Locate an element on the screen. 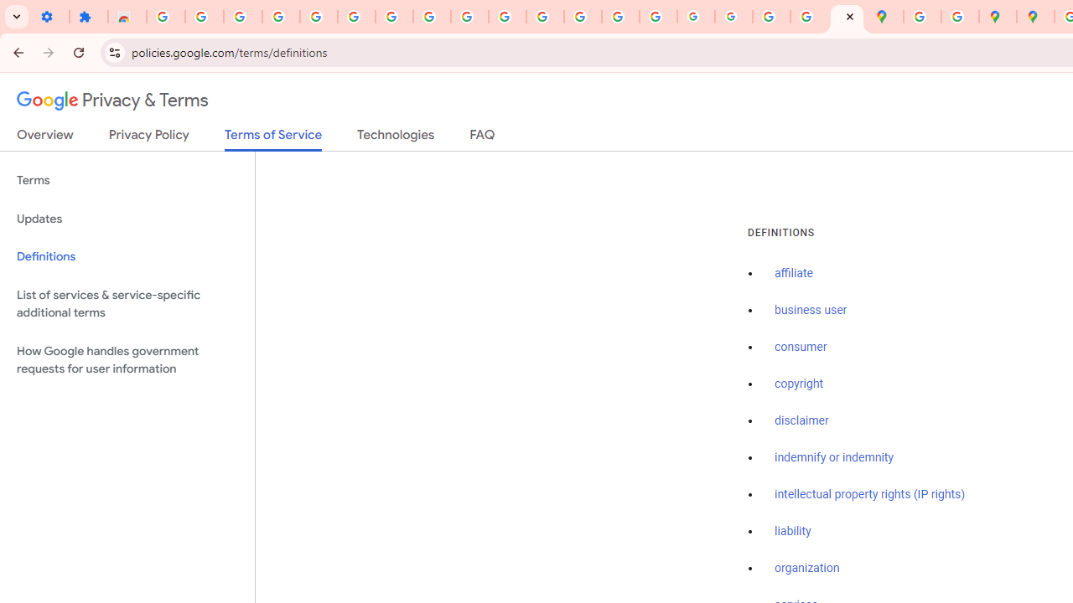 The height and width of the screenshot is (603, 1073). 'Settings - On startup' is located at coordinates (50, 17).